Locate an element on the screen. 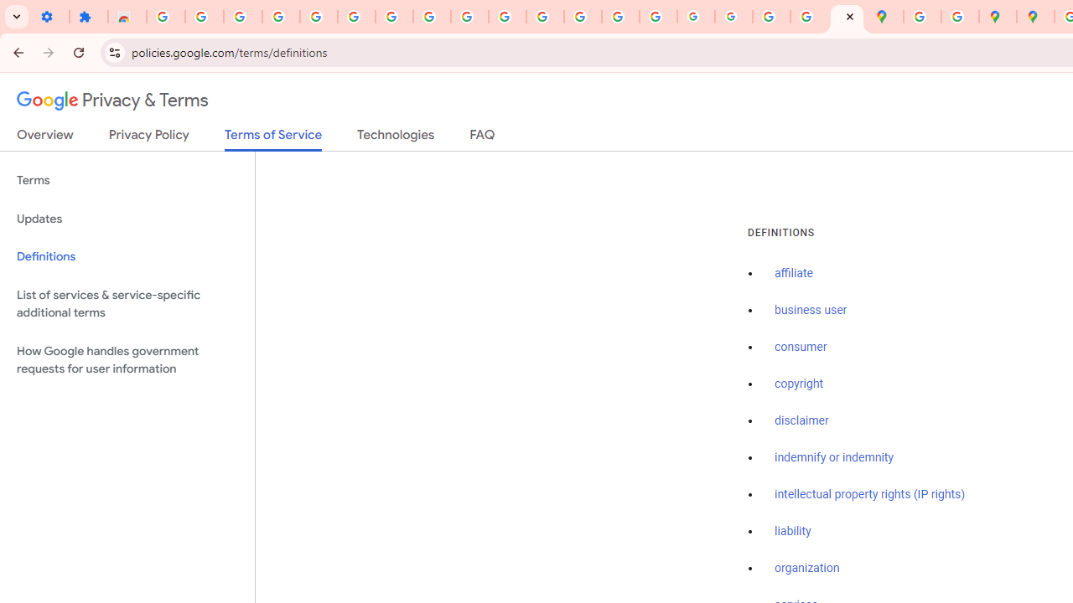 The height and width of the screenshot is (603, 1073). 'Settings - On startup' is located at coordinates (50, 17).